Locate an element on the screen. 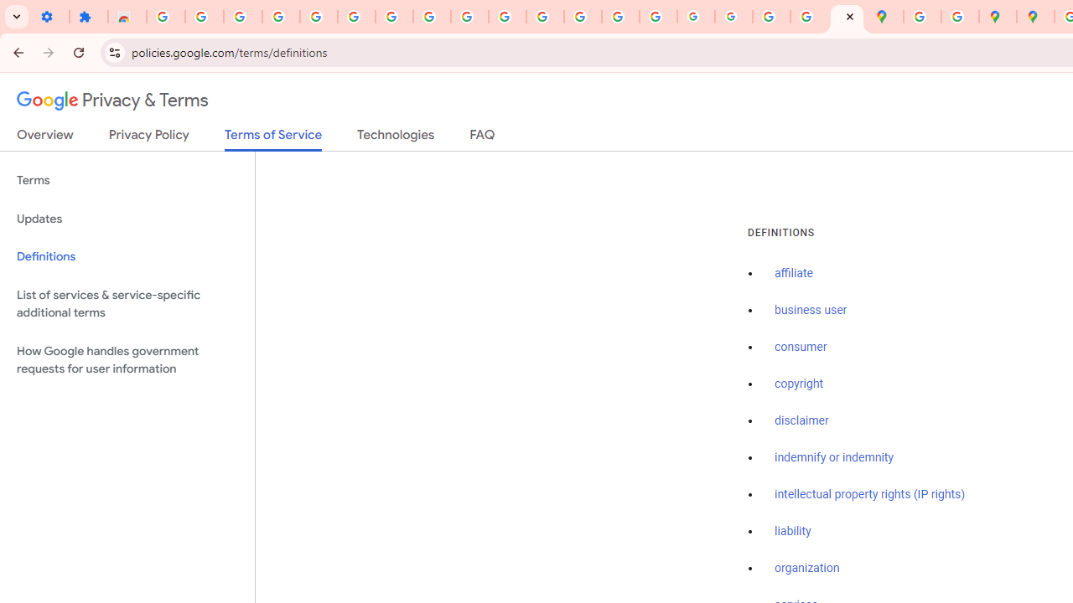 The height and width of the screenshot is (603, 1073). 'Settings - On startup' is located at coordinates (50, 17).